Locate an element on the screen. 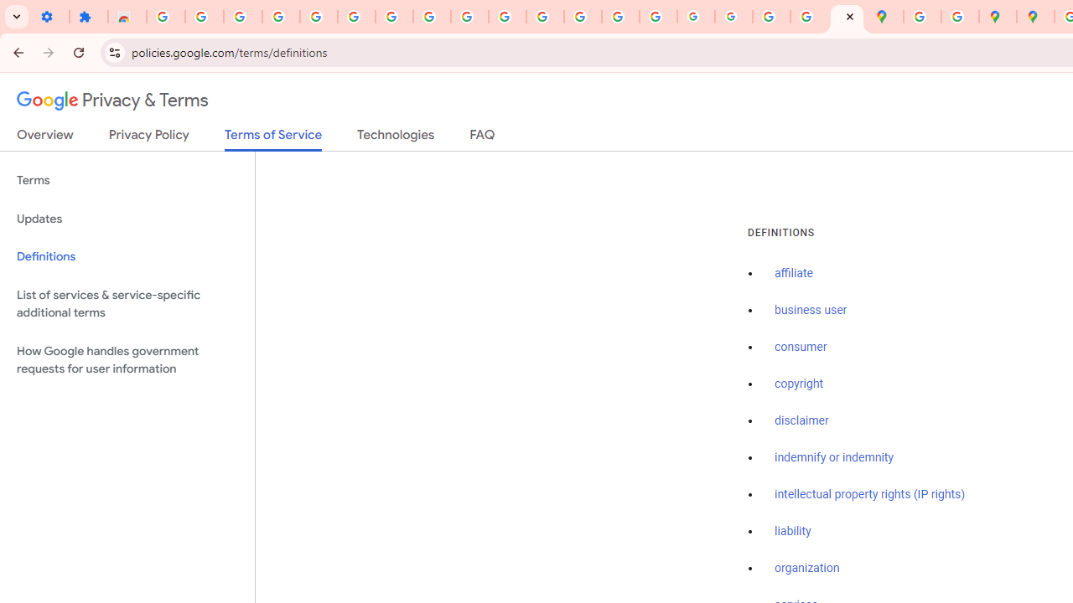 The height and width of the screenshot is (603, 1073). 'Settings - On startup' is located at coordinates (50, 17).